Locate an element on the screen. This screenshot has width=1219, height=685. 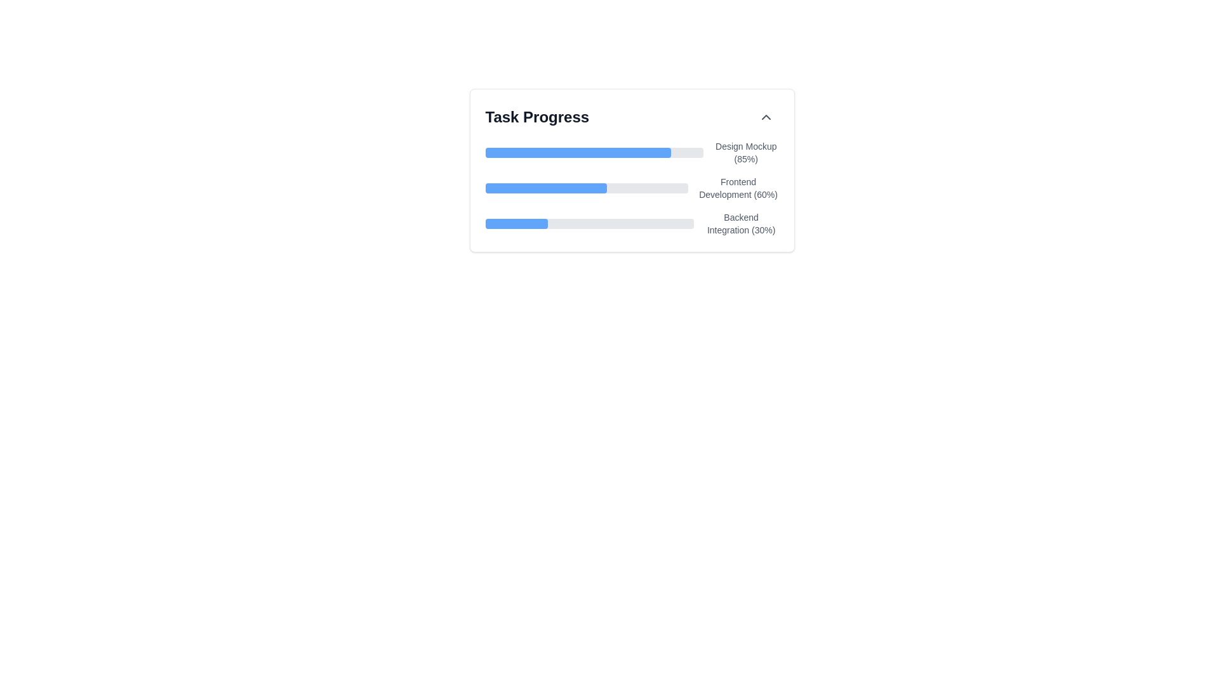
the text block reading 'Design Mockup (85%)', which is styled in a smaller font size and medium weight, colored in gray, located on the right side of the progress bar for 'Design Mockup', aligned vertically with the bar, at the top of the task progress display panel is located at coordinates (746, 152).